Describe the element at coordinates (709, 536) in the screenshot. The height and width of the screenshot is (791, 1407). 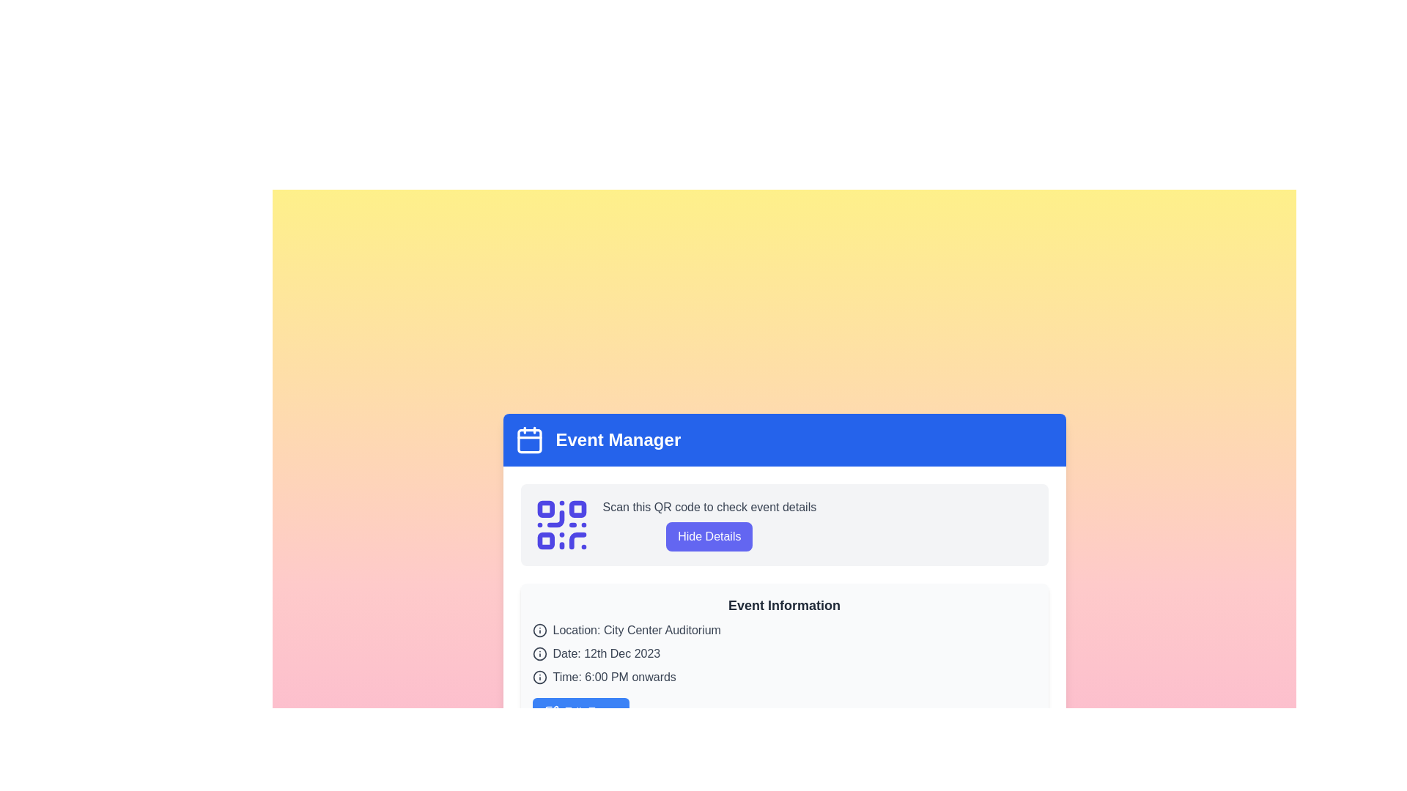
I see `the button that allows users to hide specific details related to an event or QR code, located below the 'Scan this QR code to check event details' text and to the right of a QR code illustration` at that location.